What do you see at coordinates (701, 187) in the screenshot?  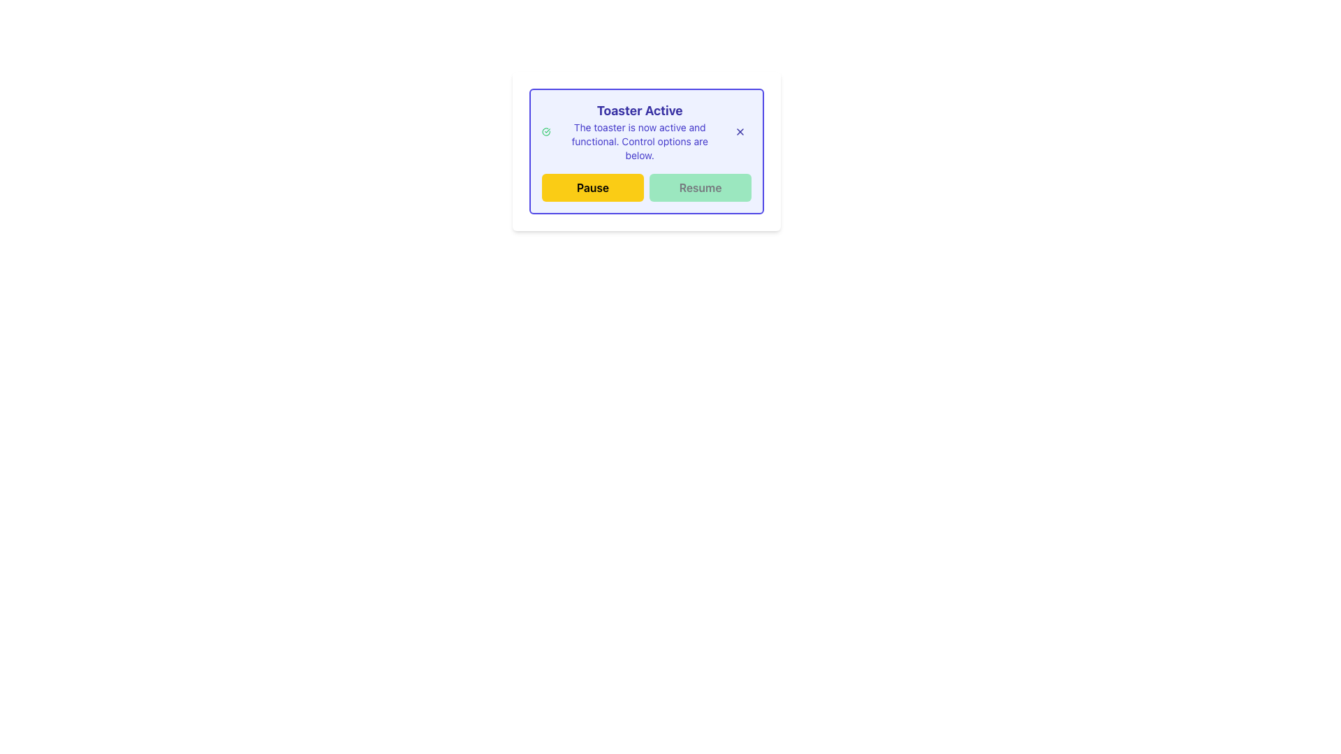 I see `the resume button located on the right side of the pair of horizontally-aligned buttons to activate the hover effect` at bounding box center [701, 187].